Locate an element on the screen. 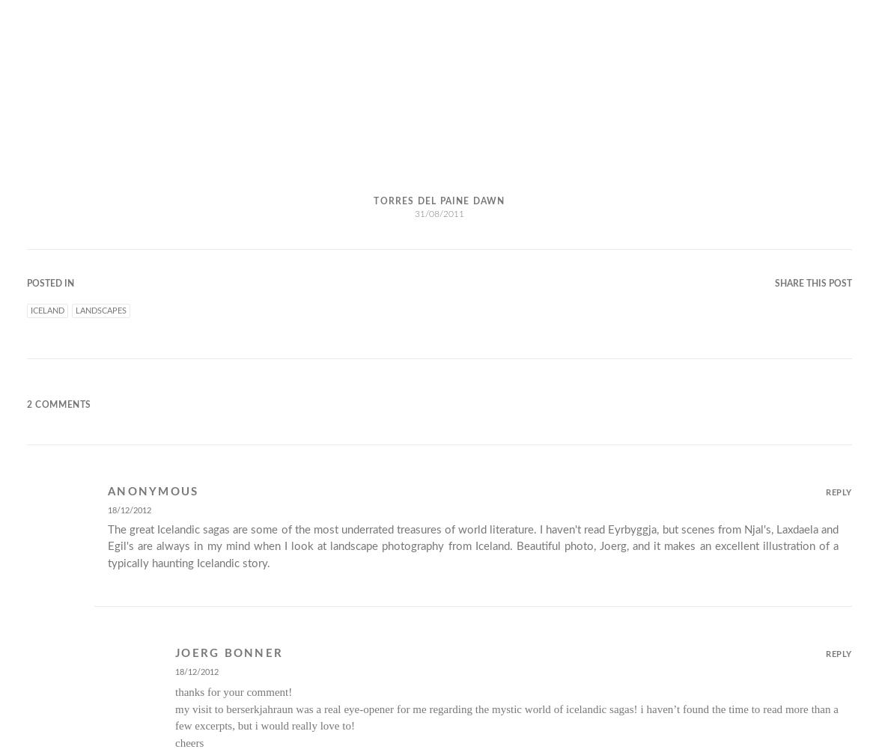 This screenshot has width=879, height=755. 'thanks for your comment!' is located at coordinates (233, 691).